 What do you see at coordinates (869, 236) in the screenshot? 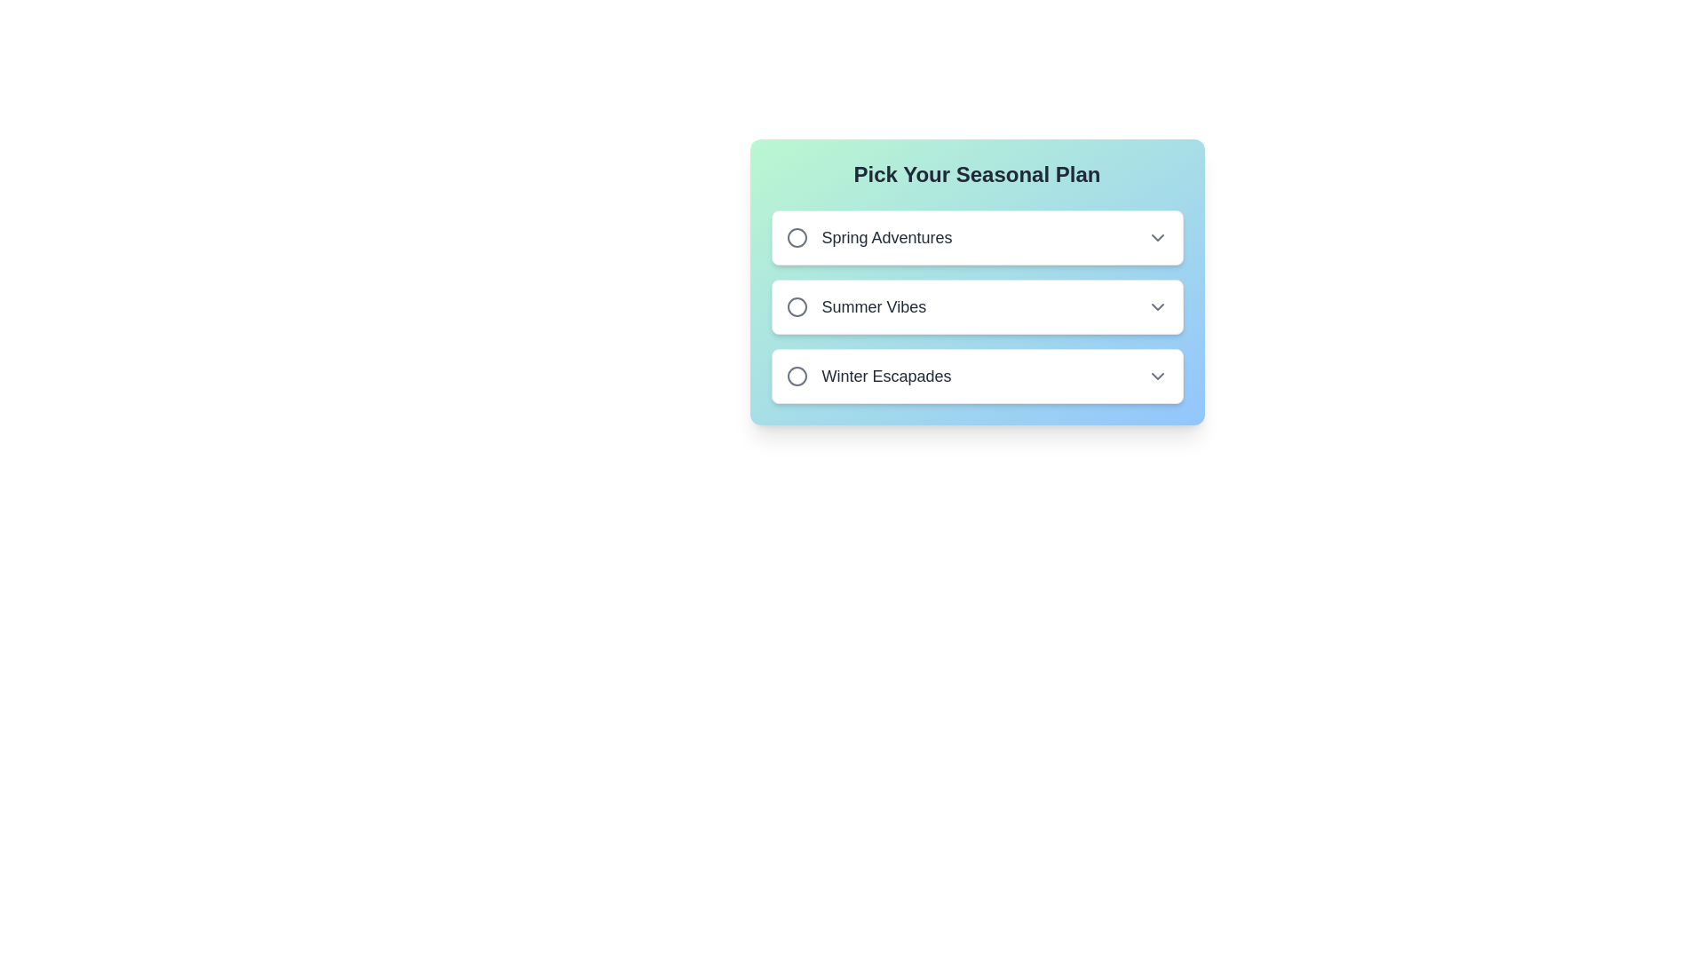
I see `the first option in the selection list labeled 'Spring Adventures'` at bounding box center [869, 236].